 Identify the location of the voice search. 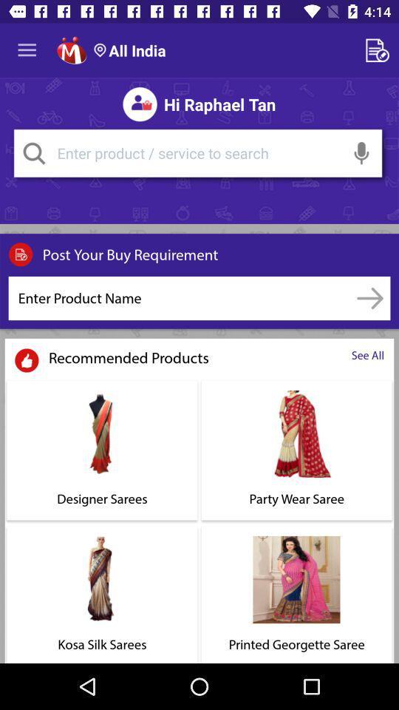
(361, 153).